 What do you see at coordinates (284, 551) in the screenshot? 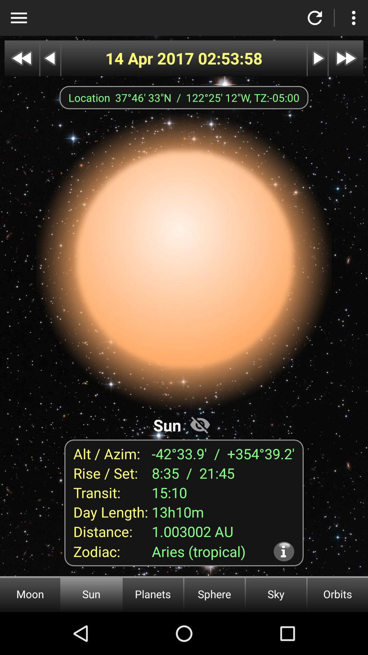
I see `the icon i beside aries tropical` at bounding box center [284, 551].